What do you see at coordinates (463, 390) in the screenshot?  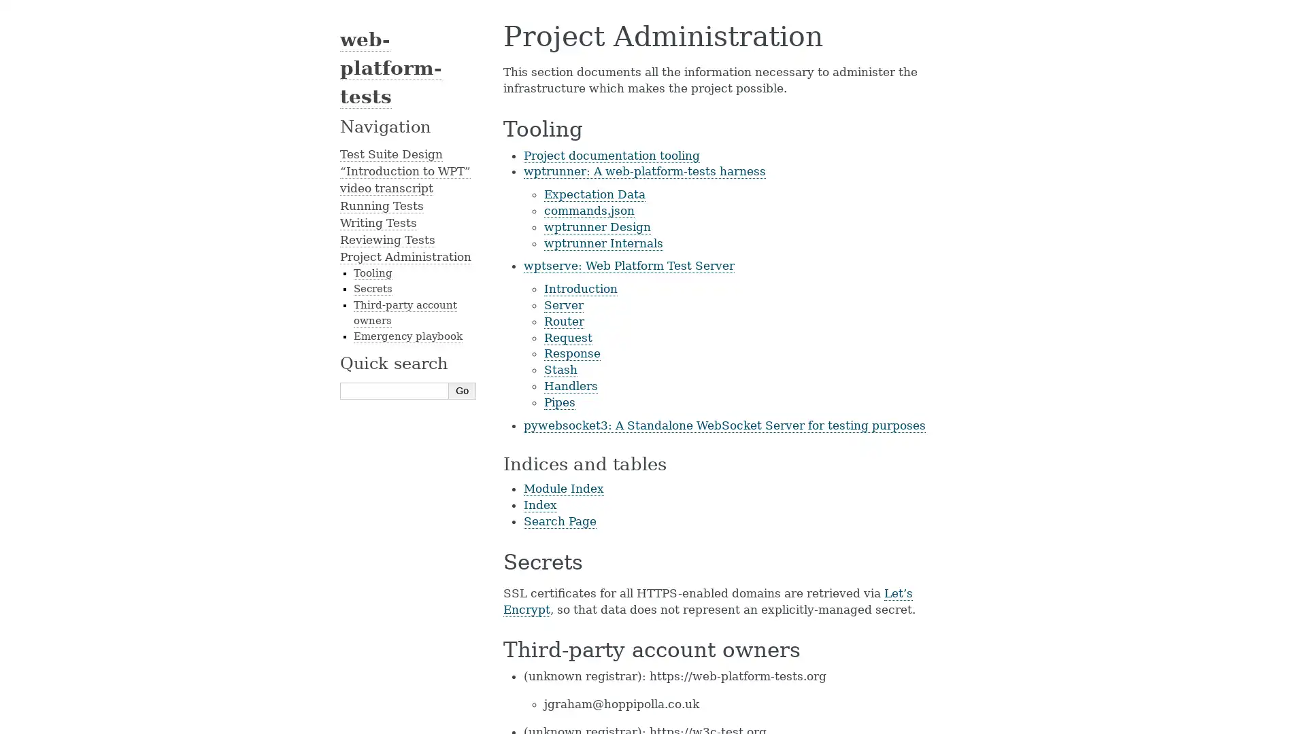 I see `Go` at bounding box center [463, 390].